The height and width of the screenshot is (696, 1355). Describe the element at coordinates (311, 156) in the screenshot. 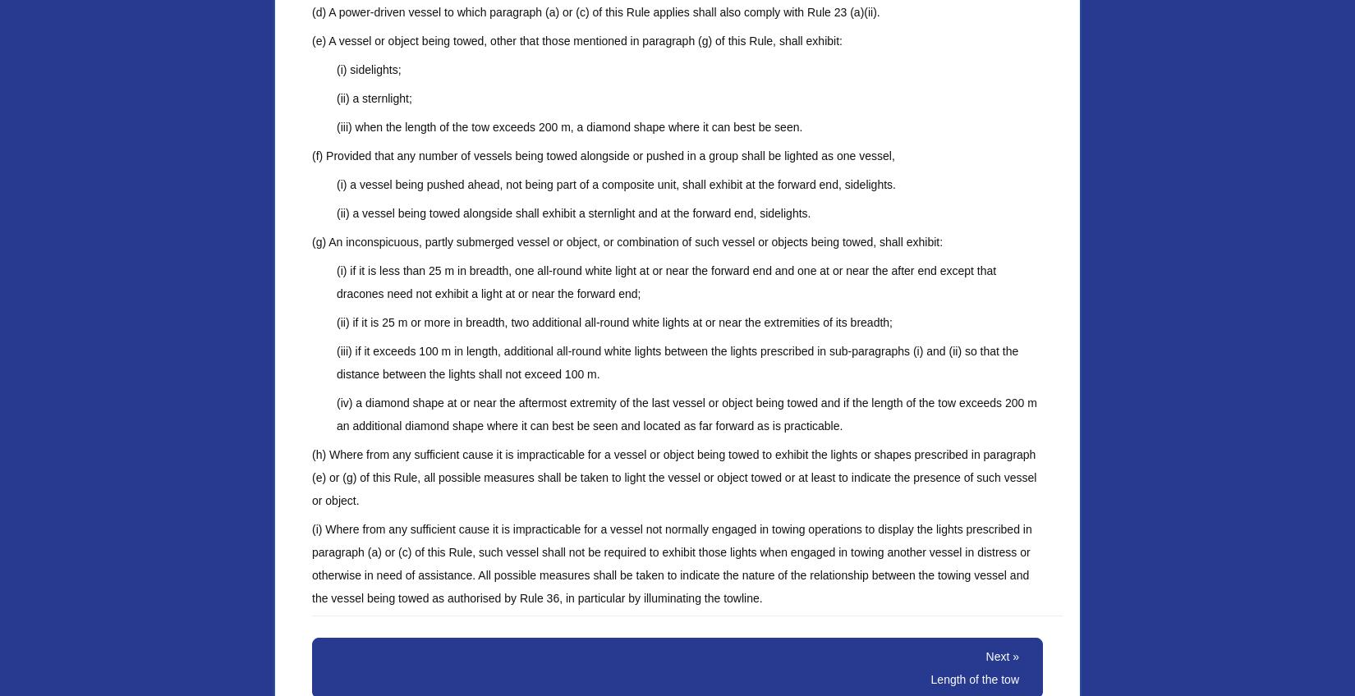

I see `'(f) Provided that any number of vessels being towed alongside or pushed in a group shall be lighted as one vessel,'` at that location.